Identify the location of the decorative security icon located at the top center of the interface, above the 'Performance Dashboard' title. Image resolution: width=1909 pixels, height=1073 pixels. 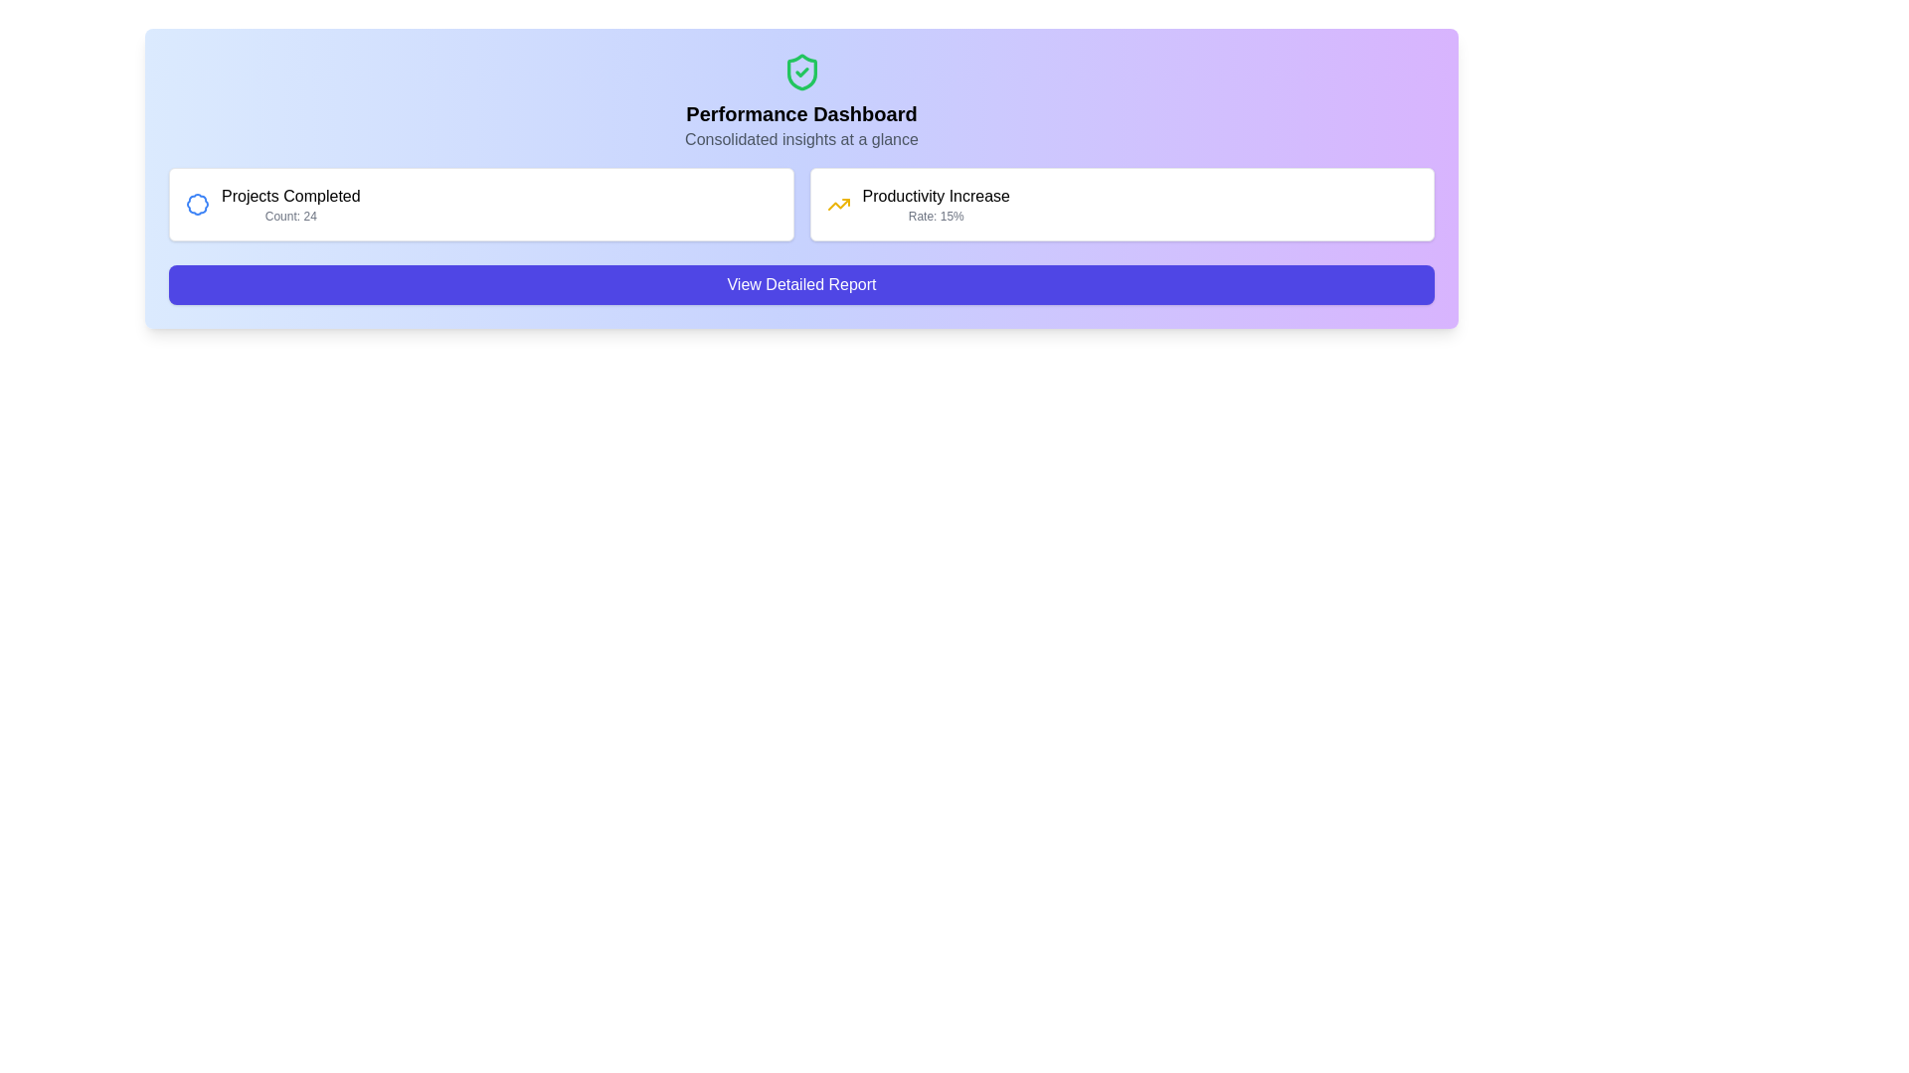
(801, 72).